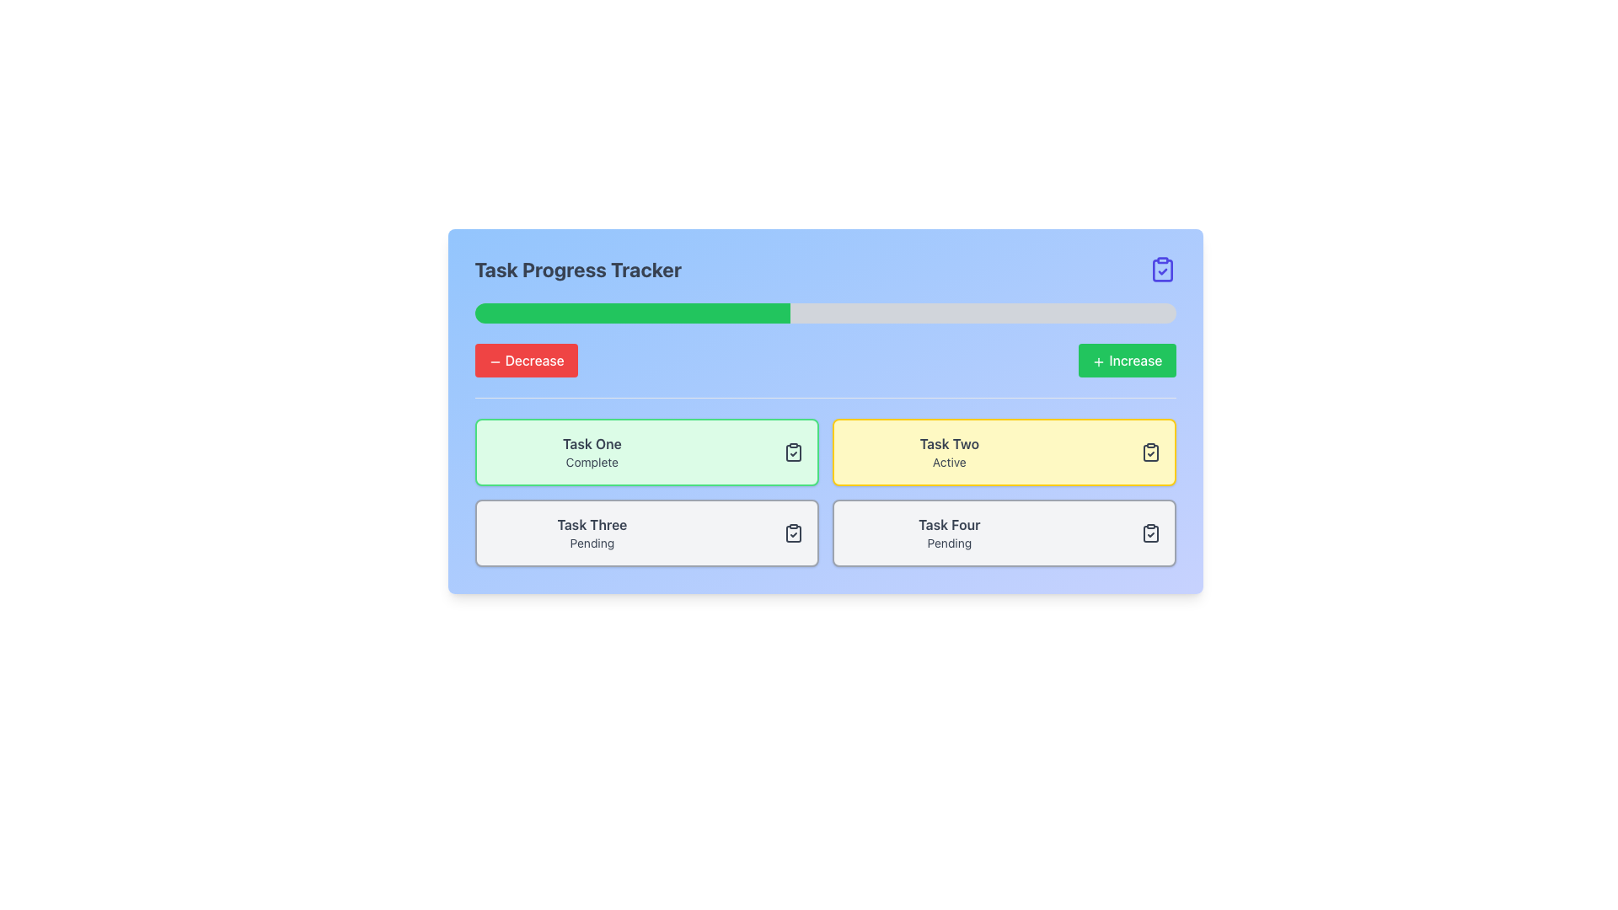 The height and width of the screenshot is (910, 1618). I want to click on the text label displaying 'Pending' located in the lower section of the panel for 'Task Four' in the bottom-right grid cell of the task grid layout, so click(949, 543).